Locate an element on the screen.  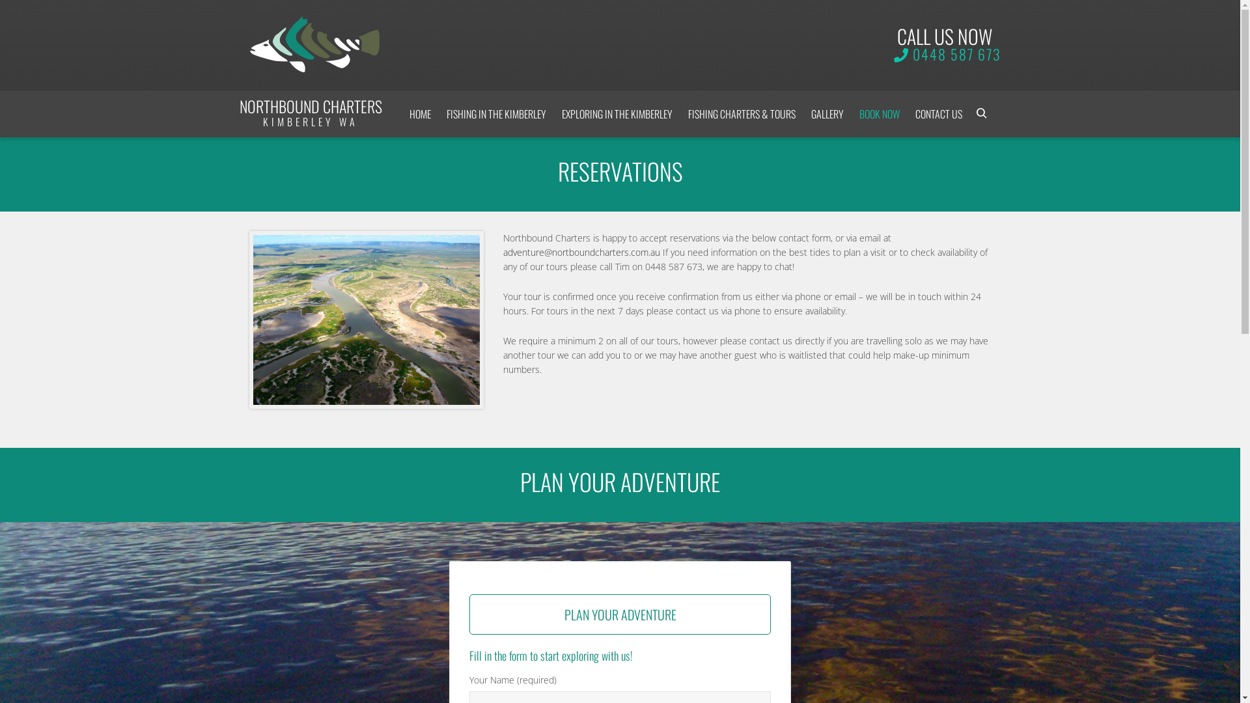
'BOOK NOW' is located at coordinates (879, 114).